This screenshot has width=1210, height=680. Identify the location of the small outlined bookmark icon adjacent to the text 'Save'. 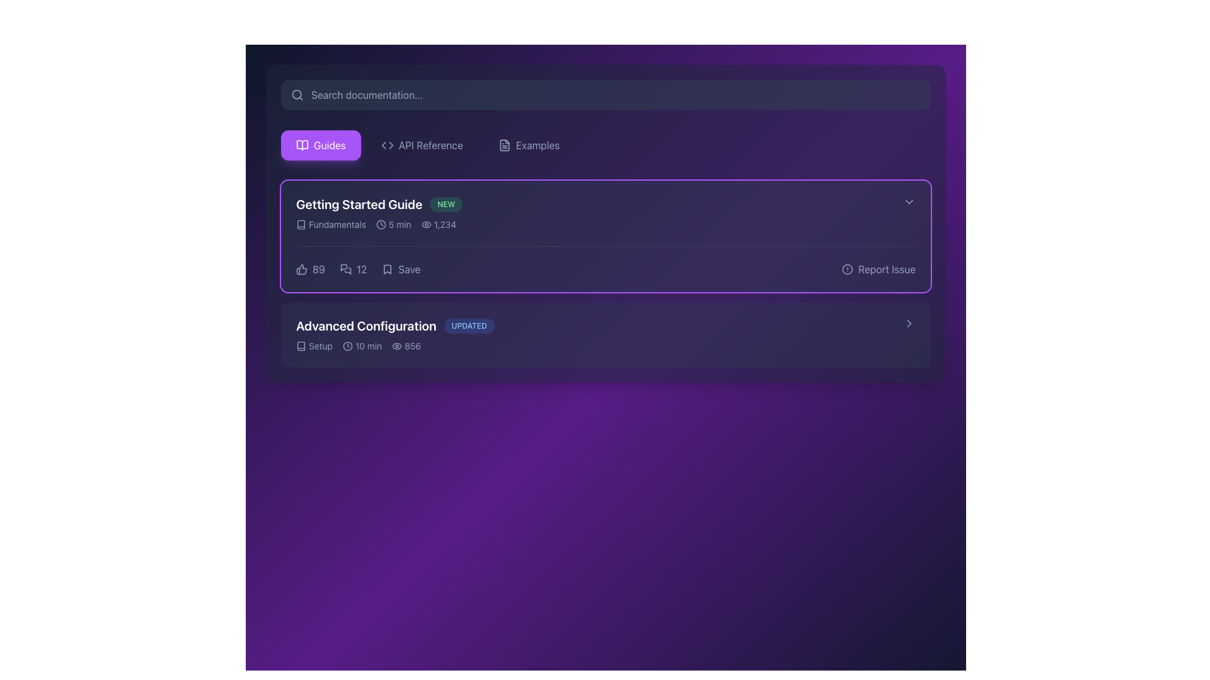
(387, 269).